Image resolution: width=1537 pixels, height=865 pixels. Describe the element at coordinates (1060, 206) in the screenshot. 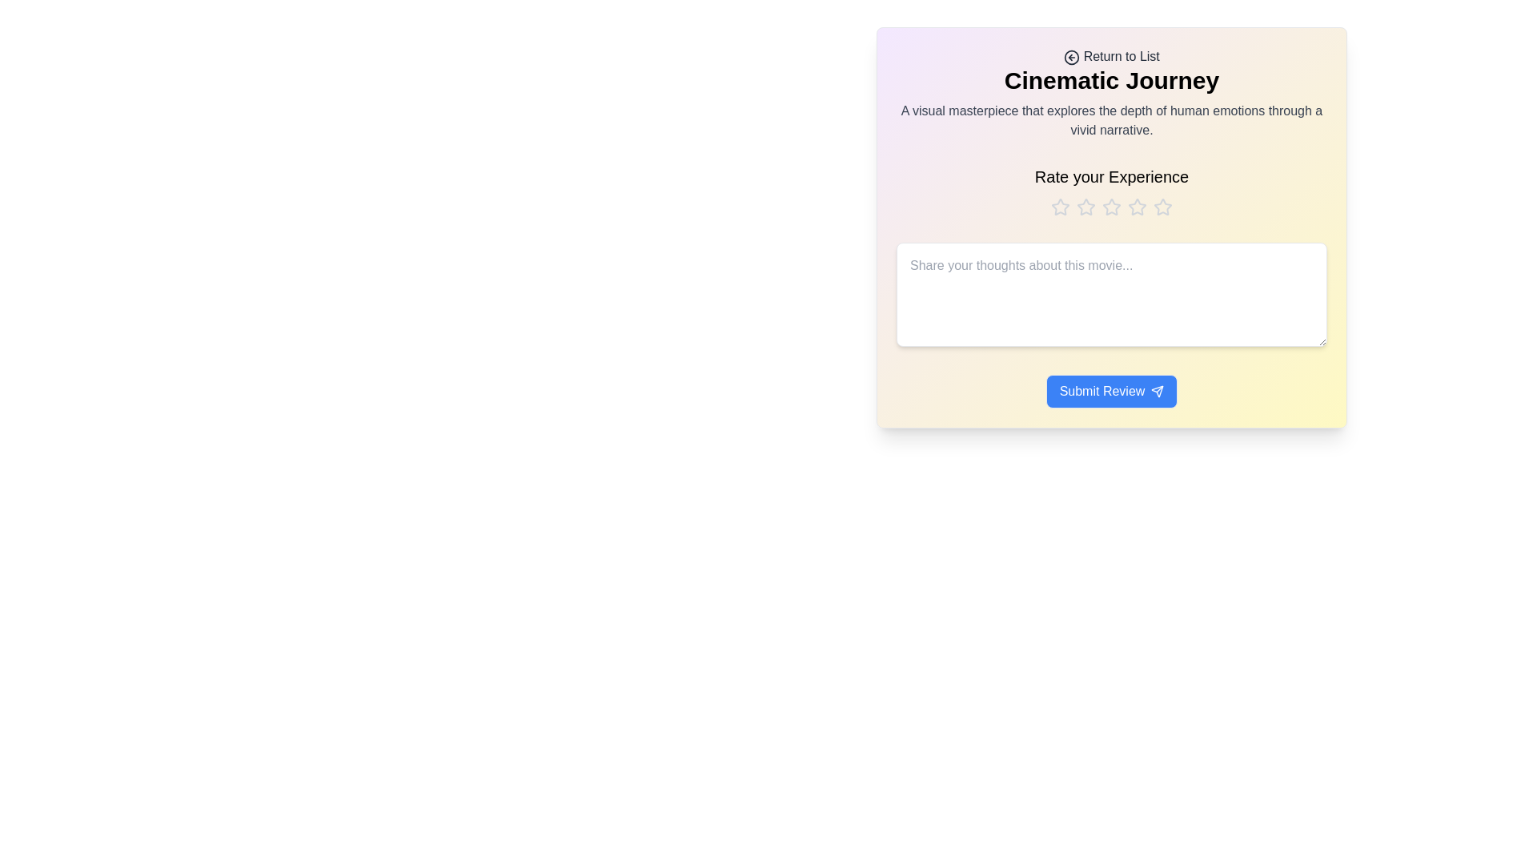

I see `the outlined star icon` at that location.